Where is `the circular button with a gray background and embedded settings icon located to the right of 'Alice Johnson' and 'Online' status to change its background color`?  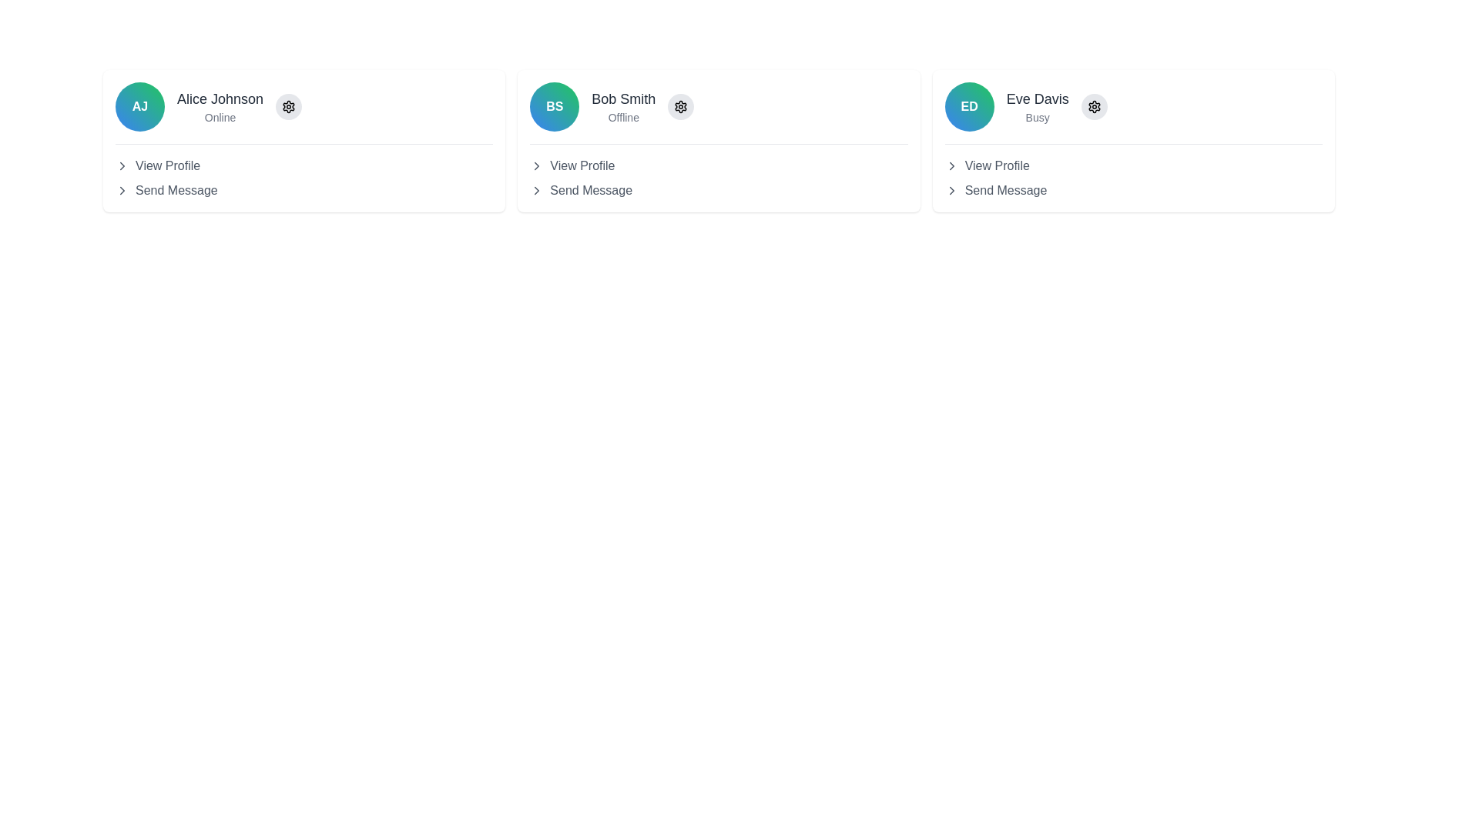
the circular button with a gray background and embedded settings icon located to the right of 'Alice Johnson' and 'Online' status to change its background color is located at coordinates (289, 105).